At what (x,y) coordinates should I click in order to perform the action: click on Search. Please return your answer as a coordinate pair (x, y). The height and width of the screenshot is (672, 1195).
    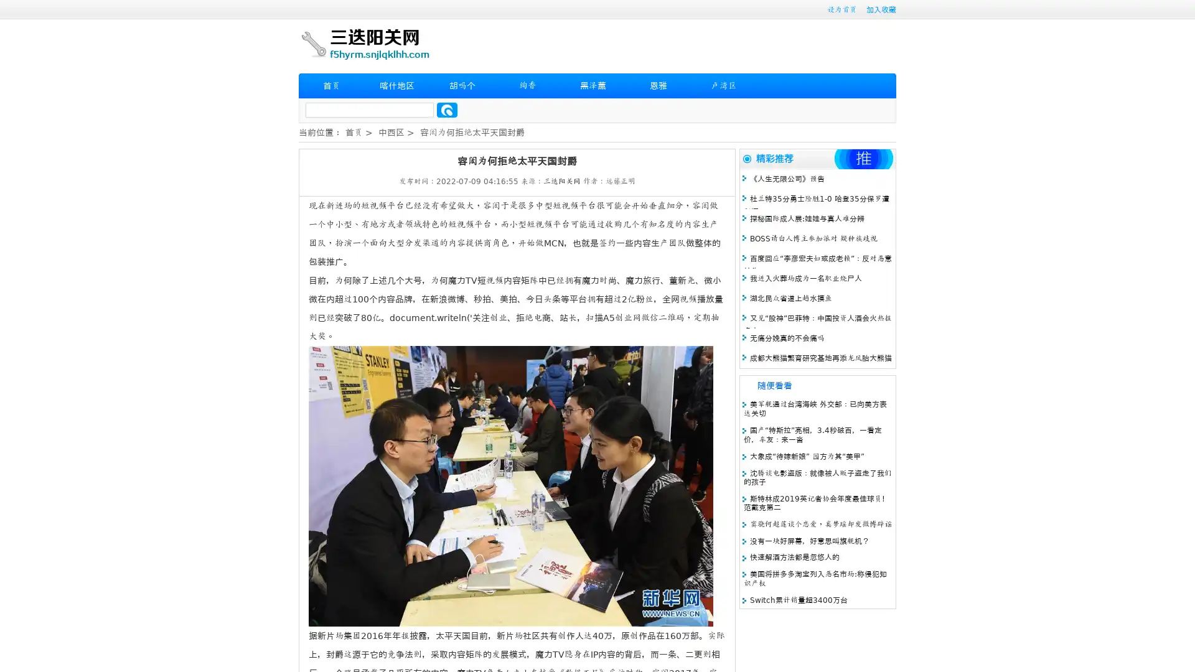
    Looking at the image, I should click on (447, 110).